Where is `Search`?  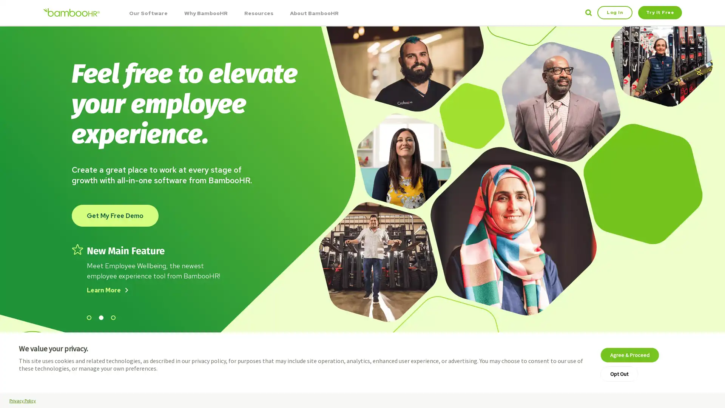
Search is located at coordinates (588, 12).